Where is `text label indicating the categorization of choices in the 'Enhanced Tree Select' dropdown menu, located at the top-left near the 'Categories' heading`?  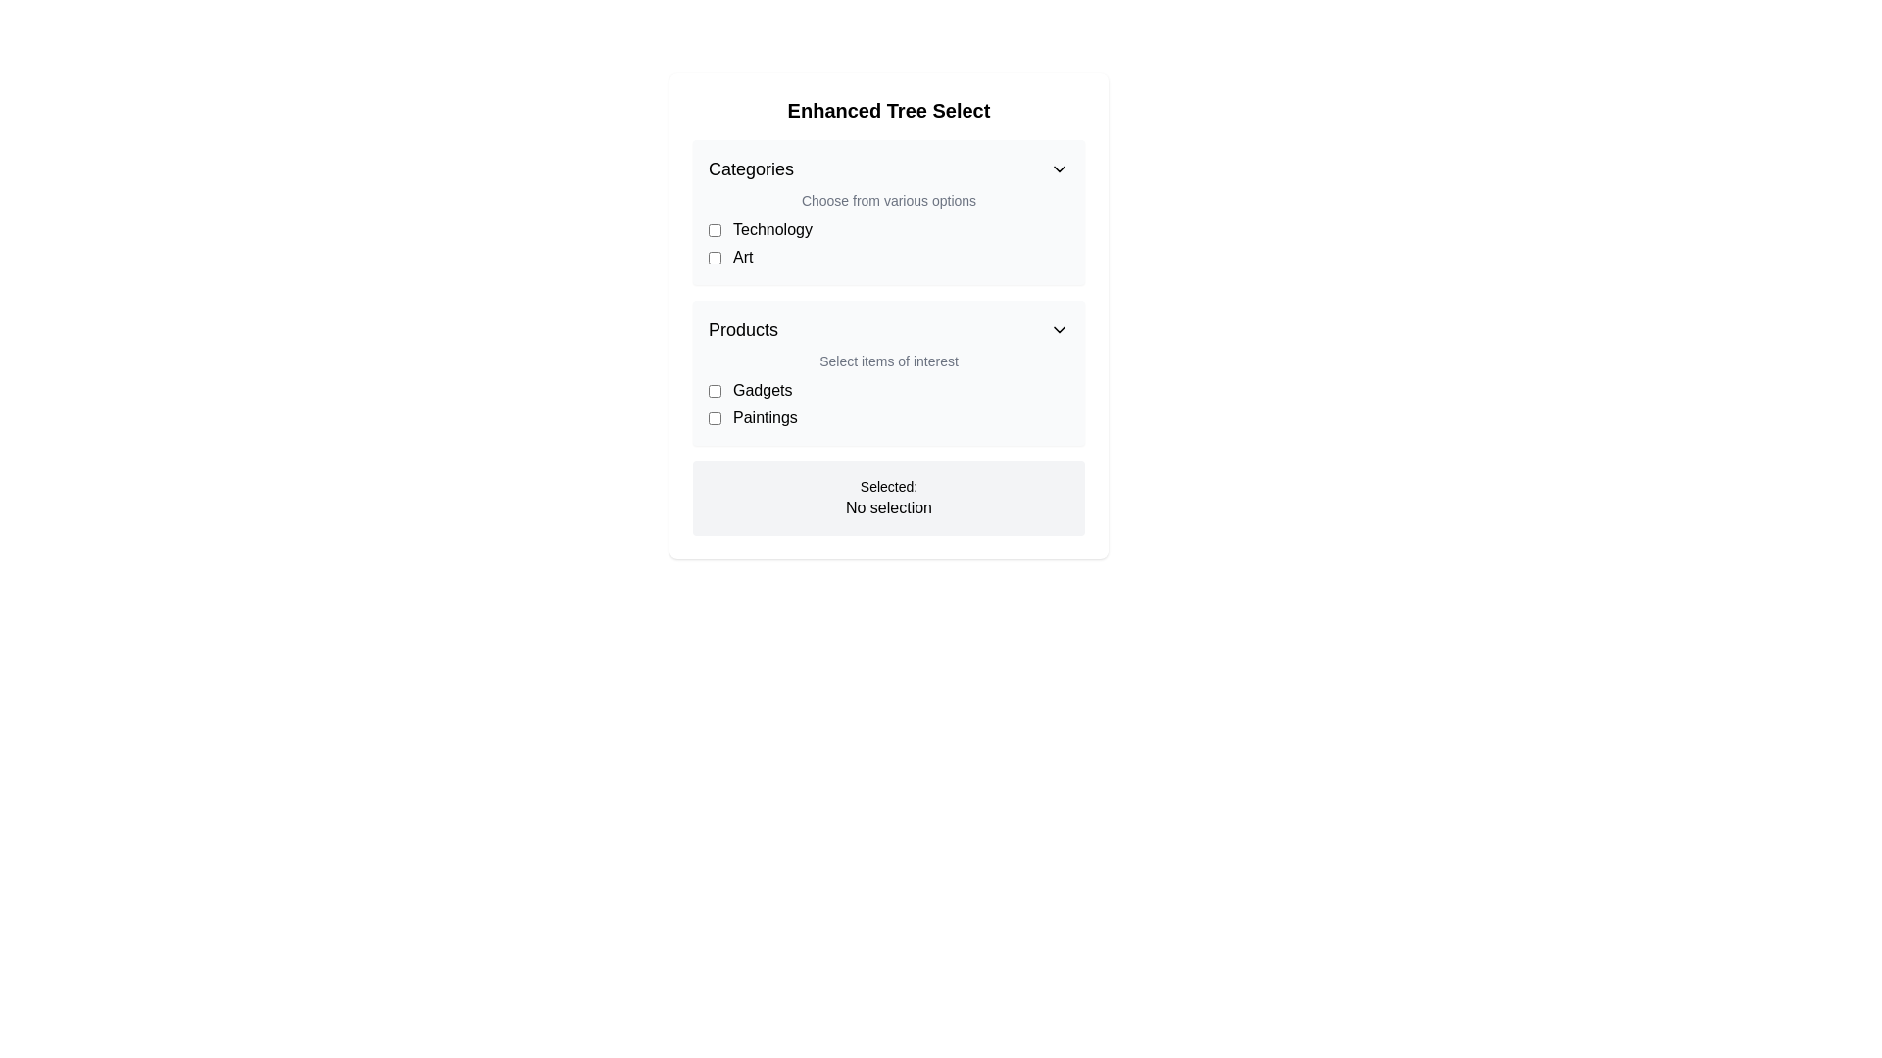 text label indicating the categorization of choices in the 'Enhanced Tree Select' dropdown menu, located at the top-left near the 'Categories' heading is located at coordinates (750, 168).